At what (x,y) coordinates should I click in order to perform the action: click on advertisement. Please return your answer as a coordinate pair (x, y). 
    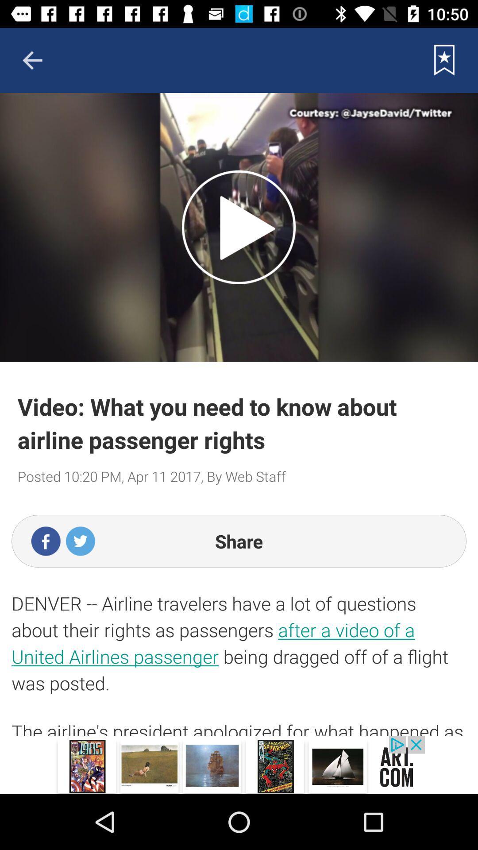
    Looking at the image, I should click on (239, 765).